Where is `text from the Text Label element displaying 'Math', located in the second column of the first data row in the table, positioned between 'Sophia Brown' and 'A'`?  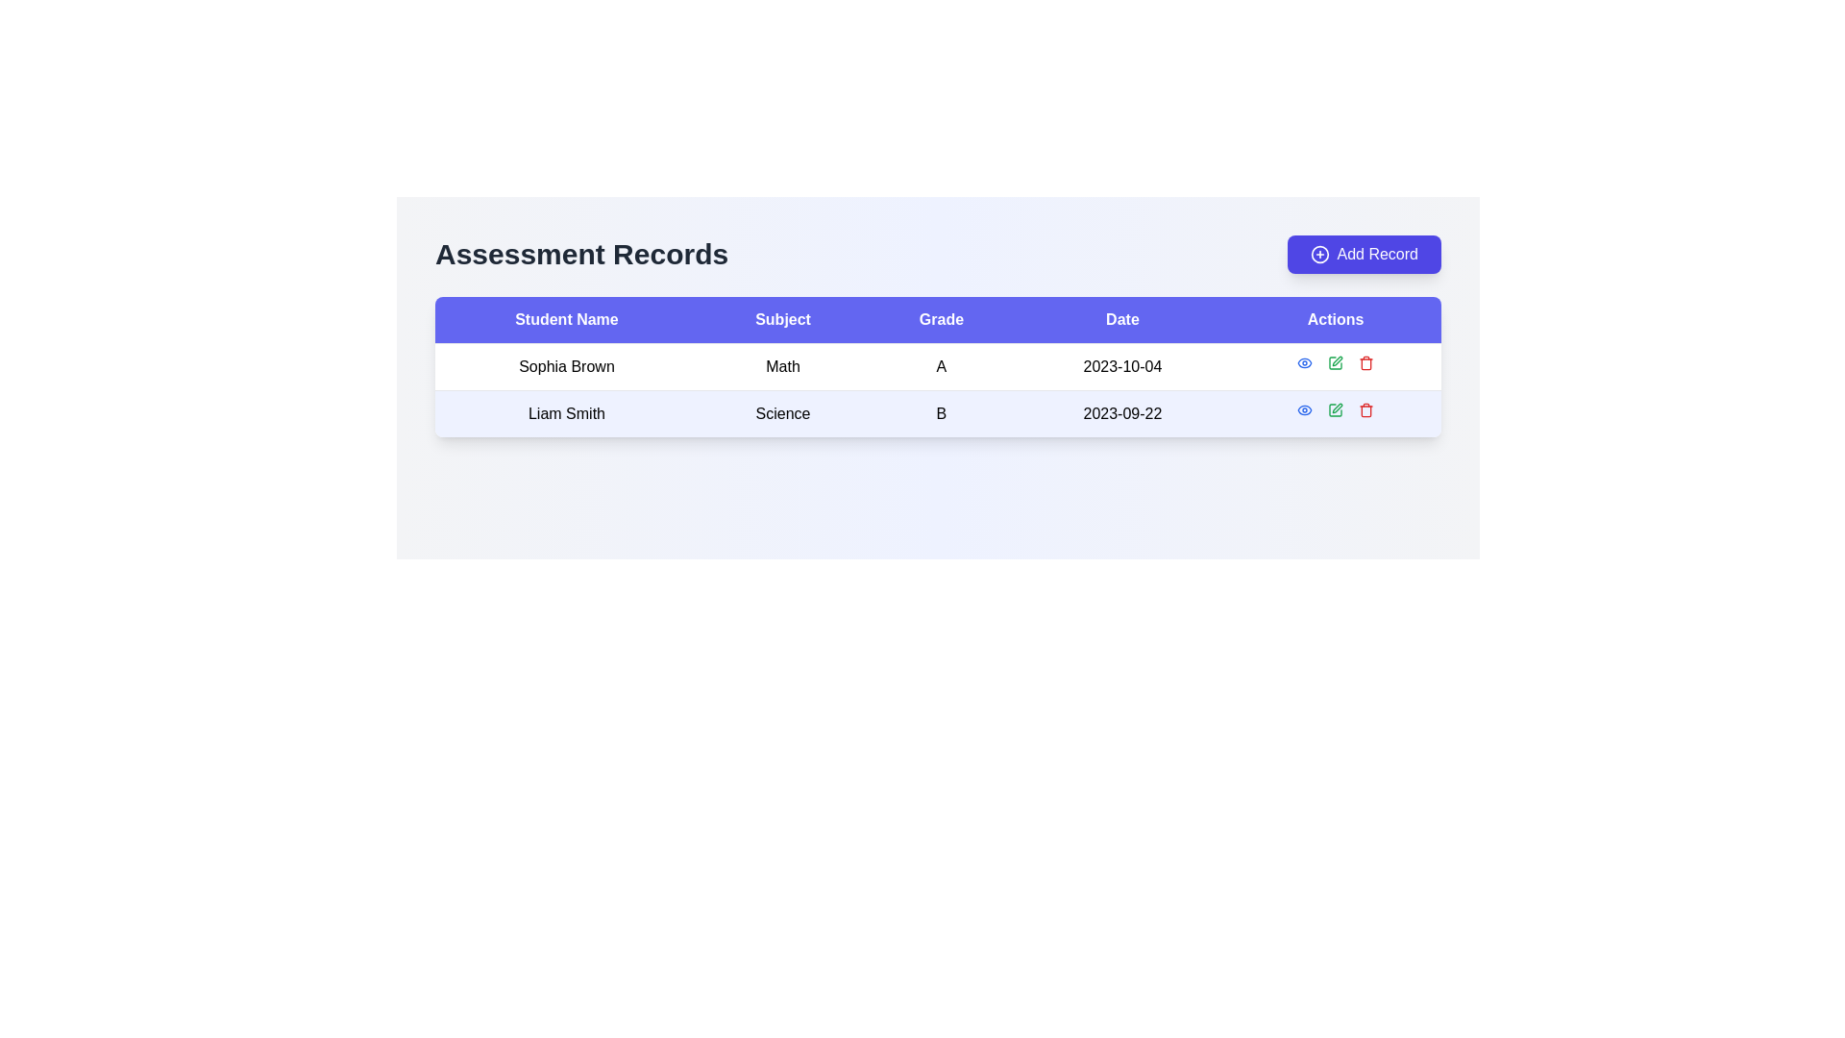
text from the Text Label element displaying 'Math', located in the second column of the first data row in the table, positioned between 'Sophia Brown' and 'A' is located at coordinates (783, 366).